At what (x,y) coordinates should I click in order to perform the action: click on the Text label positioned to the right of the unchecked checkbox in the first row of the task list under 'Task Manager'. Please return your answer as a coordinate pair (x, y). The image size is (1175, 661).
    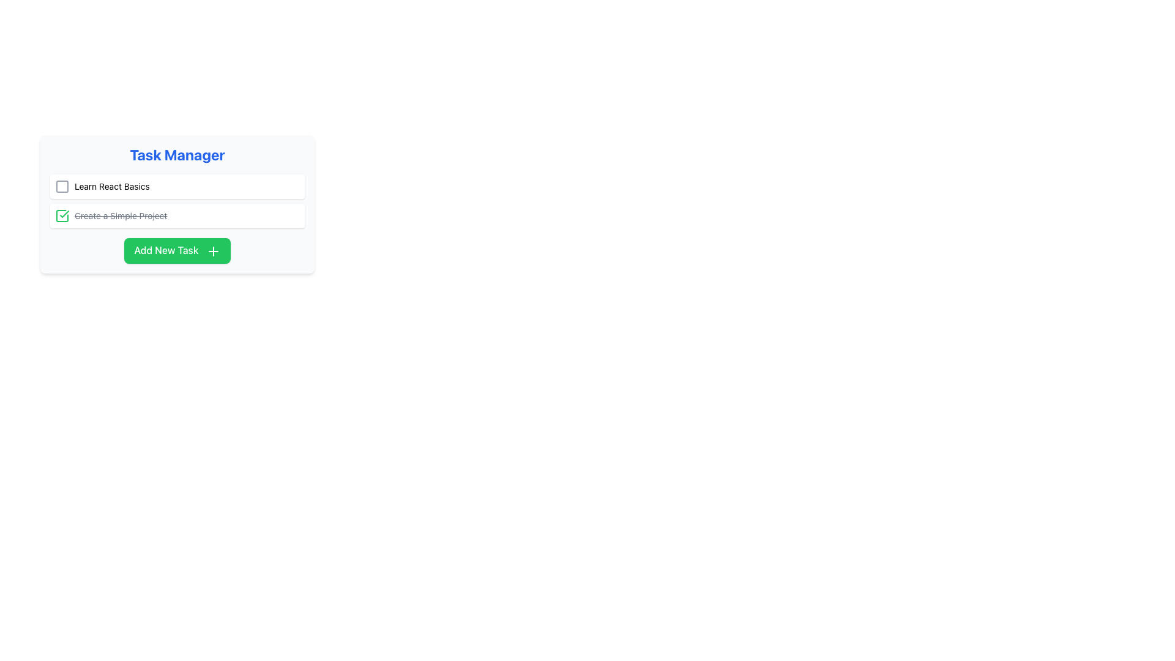
    Looking at the image, I should click on (112, 186).